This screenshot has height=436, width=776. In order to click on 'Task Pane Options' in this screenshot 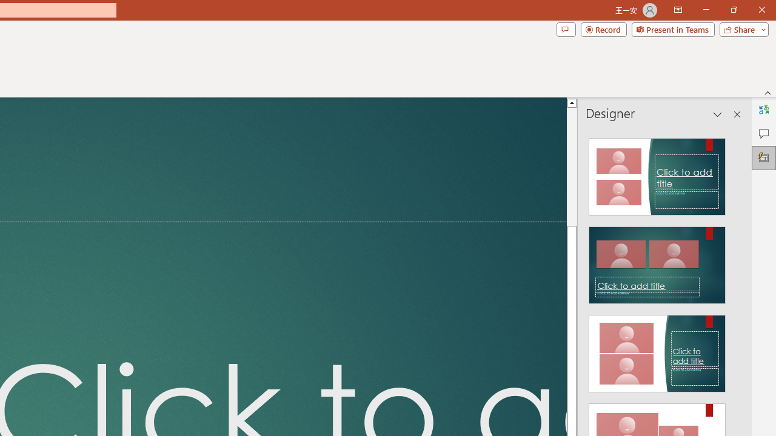, I will do `click(718, 114)`.